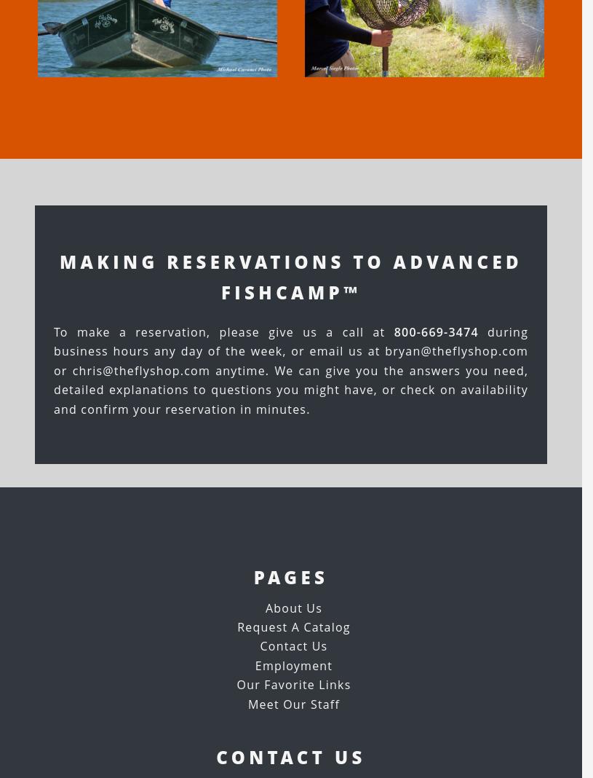  What do you see at coordinates (140, 370) in the screenshot?
I see `'chris@theflyshop.com'` at bounding box center [140, 370].